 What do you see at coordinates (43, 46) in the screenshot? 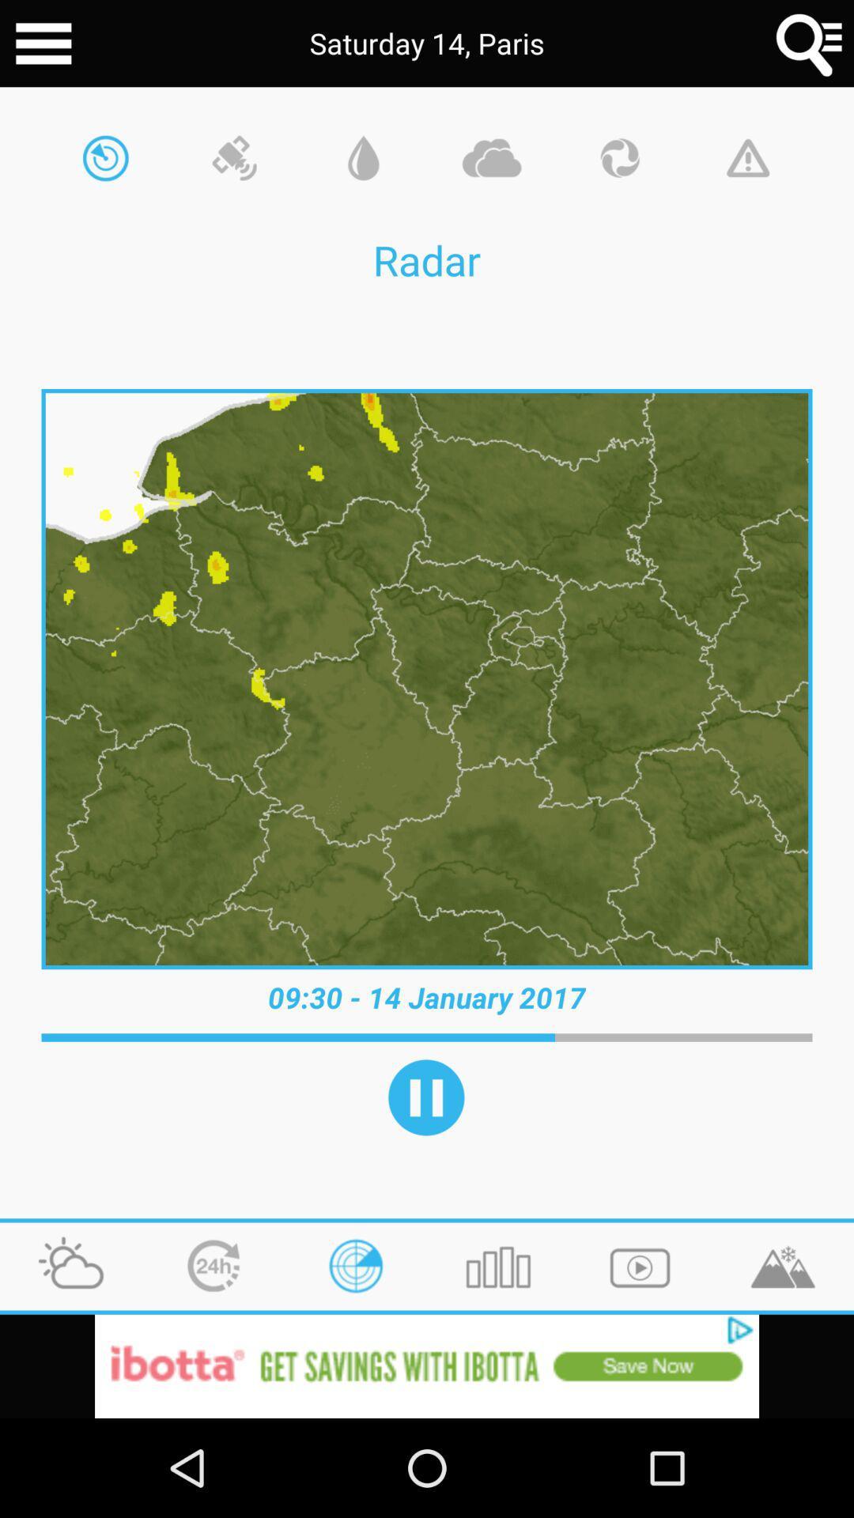
I see `the menu icon` at bounding box center [43, 46].